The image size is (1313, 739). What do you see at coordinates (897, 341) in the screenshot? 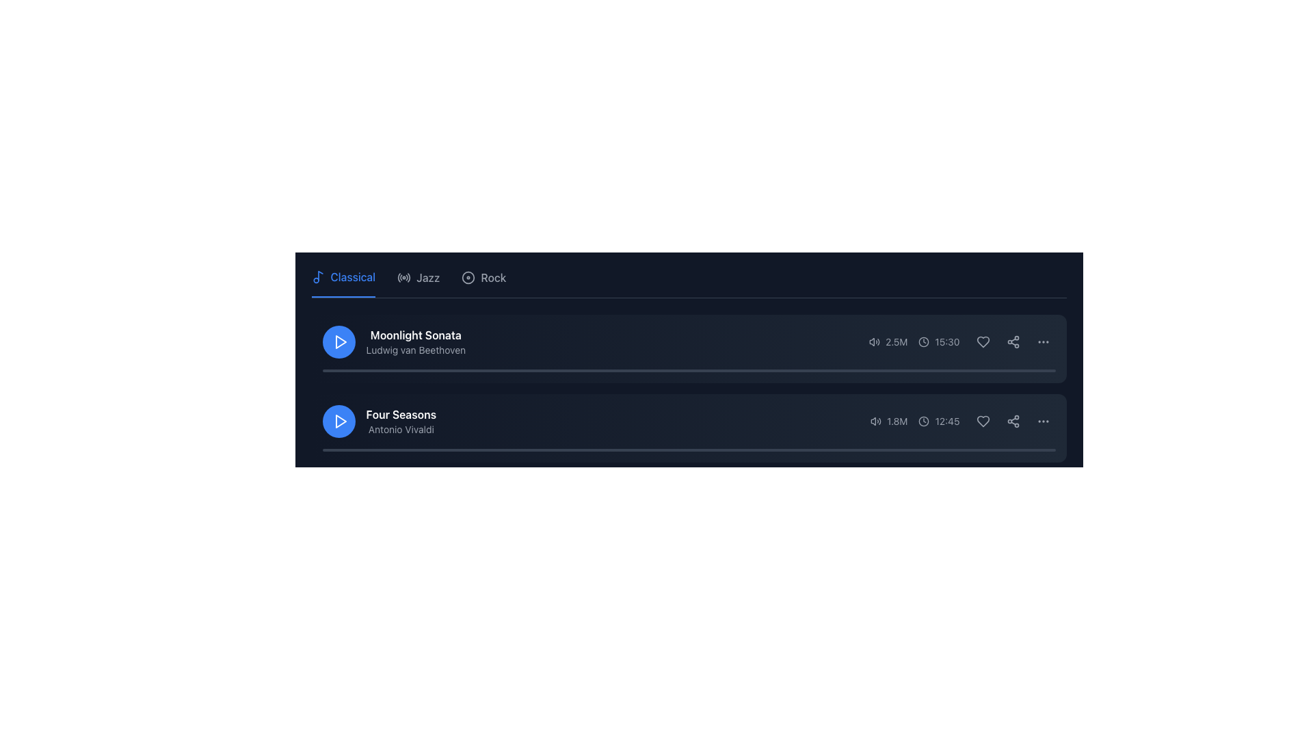
I see `the text display showing the number of listens for the track 'Moonlight Sonata', located to the right of the volume icon` at bounding box center [897, 341].